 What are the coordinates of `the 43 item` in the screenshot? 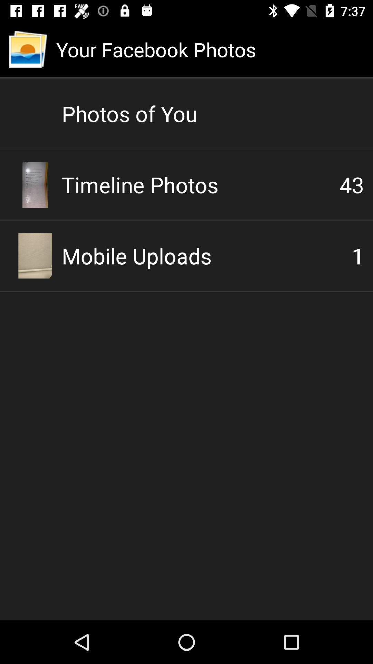 It's located at (352, 184).